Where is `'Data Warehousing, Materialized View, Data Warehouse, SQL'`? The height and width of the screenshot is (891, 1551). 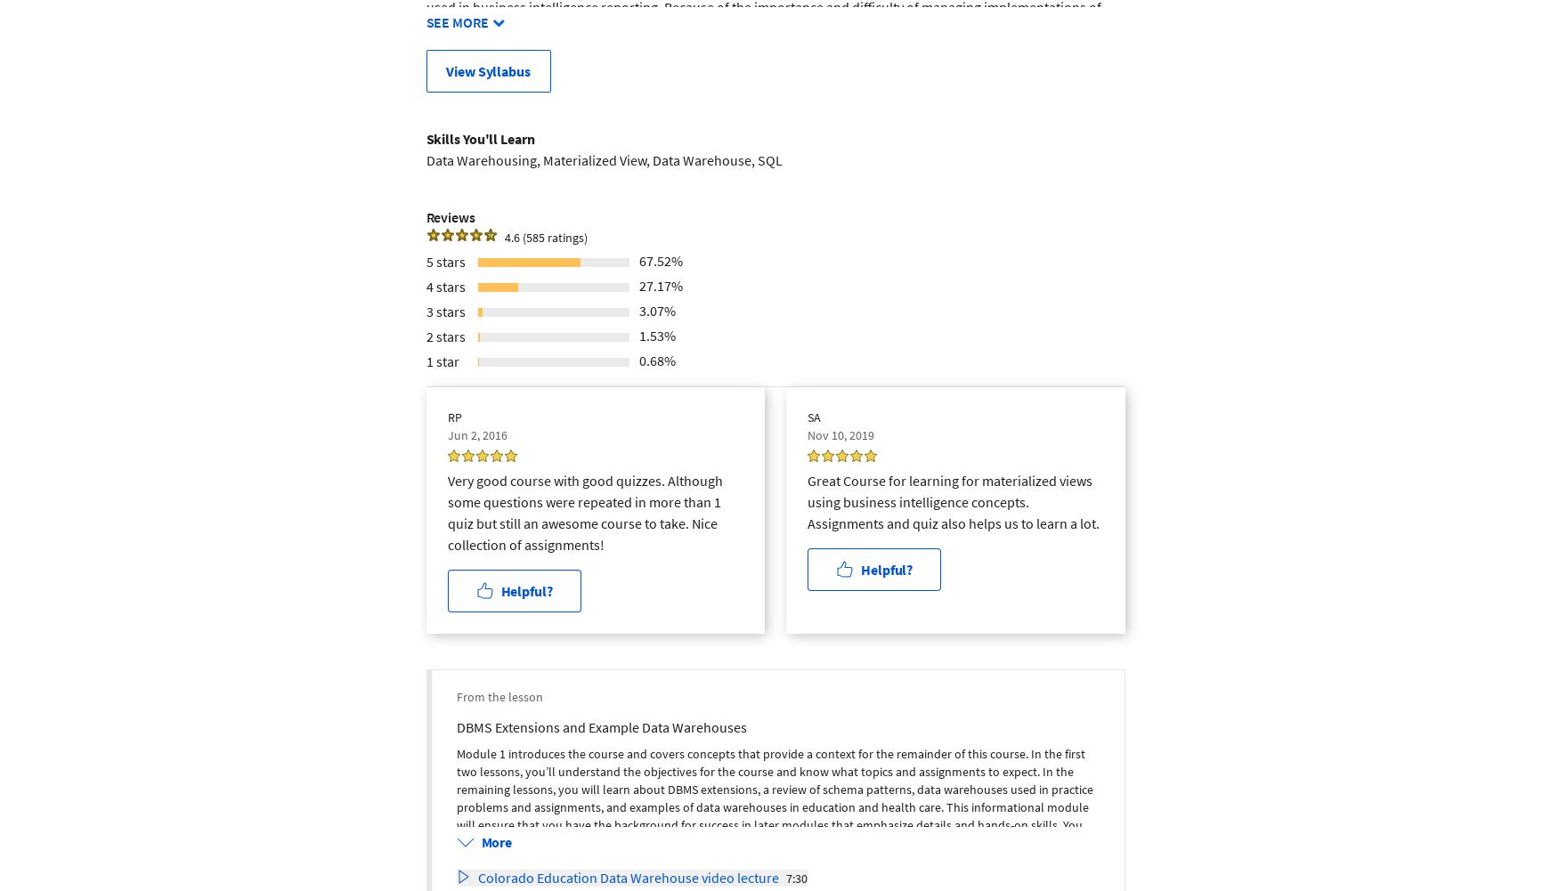
'Data Warehousing, Materialized View, Data Warehouse, SQL' is located at coordinates (602, 158).